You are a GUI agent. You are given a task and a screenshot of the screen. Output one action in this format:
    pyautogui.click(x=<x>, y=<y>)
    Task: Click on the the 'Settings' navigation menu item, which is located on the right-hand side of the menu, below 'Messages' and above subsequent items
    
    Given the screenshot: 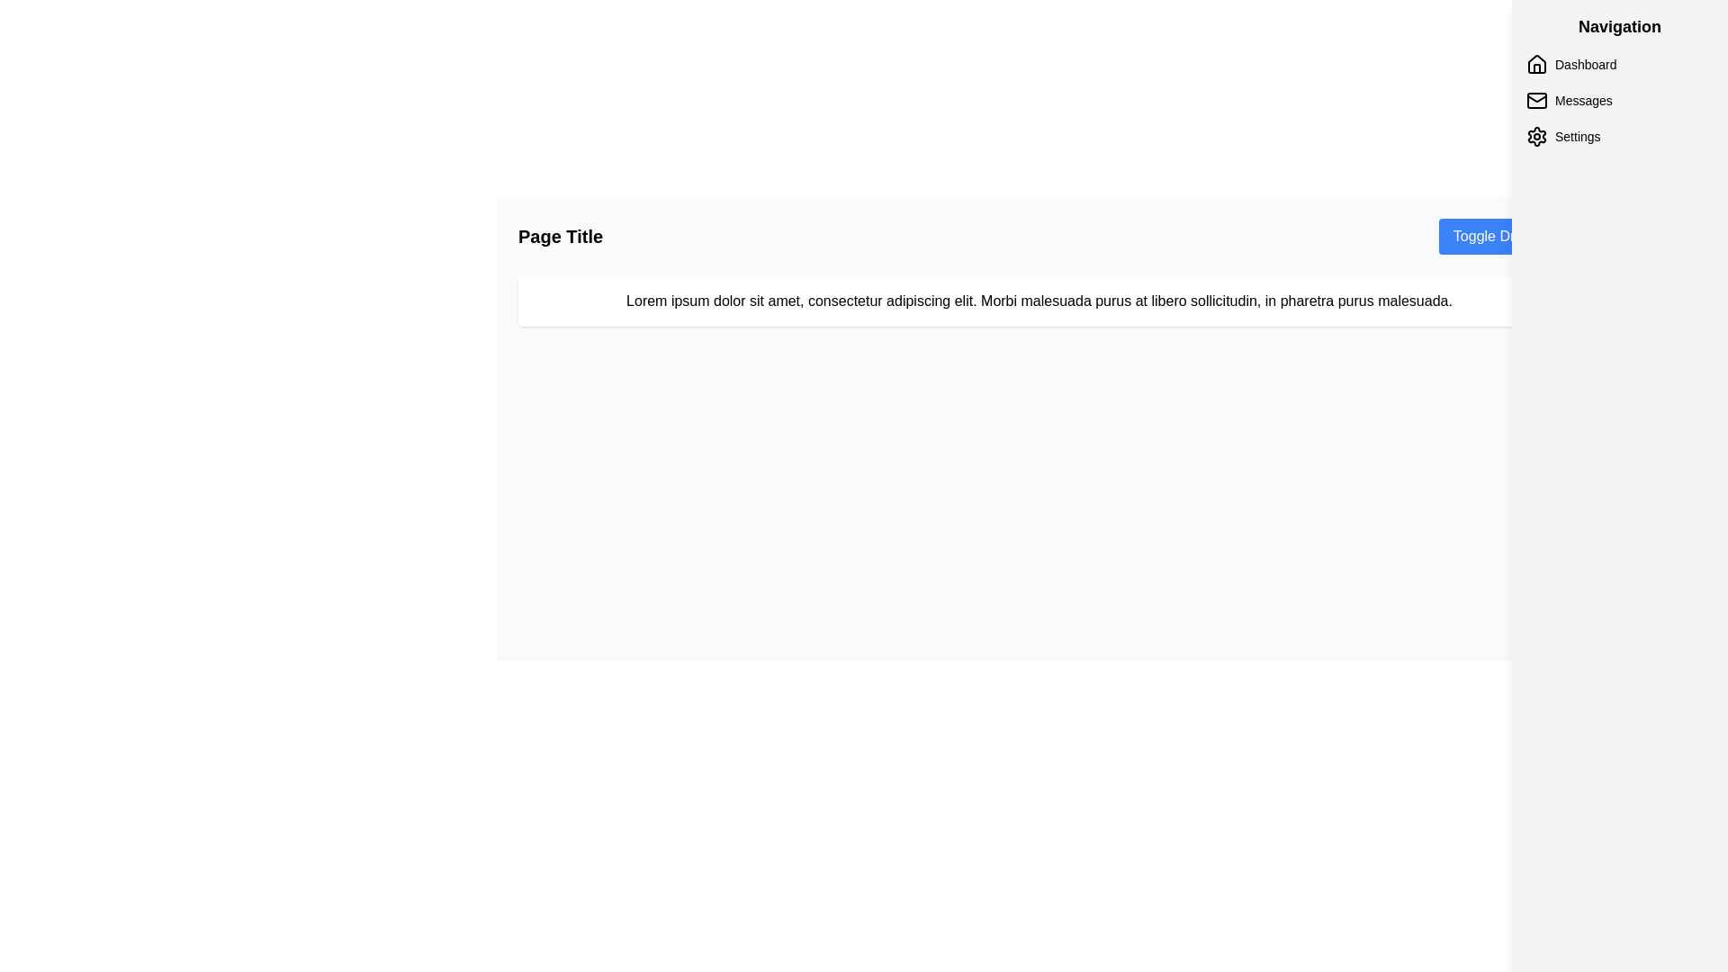 What is the action you would take?
    pyautogui.click(x=1620, y=135)
    